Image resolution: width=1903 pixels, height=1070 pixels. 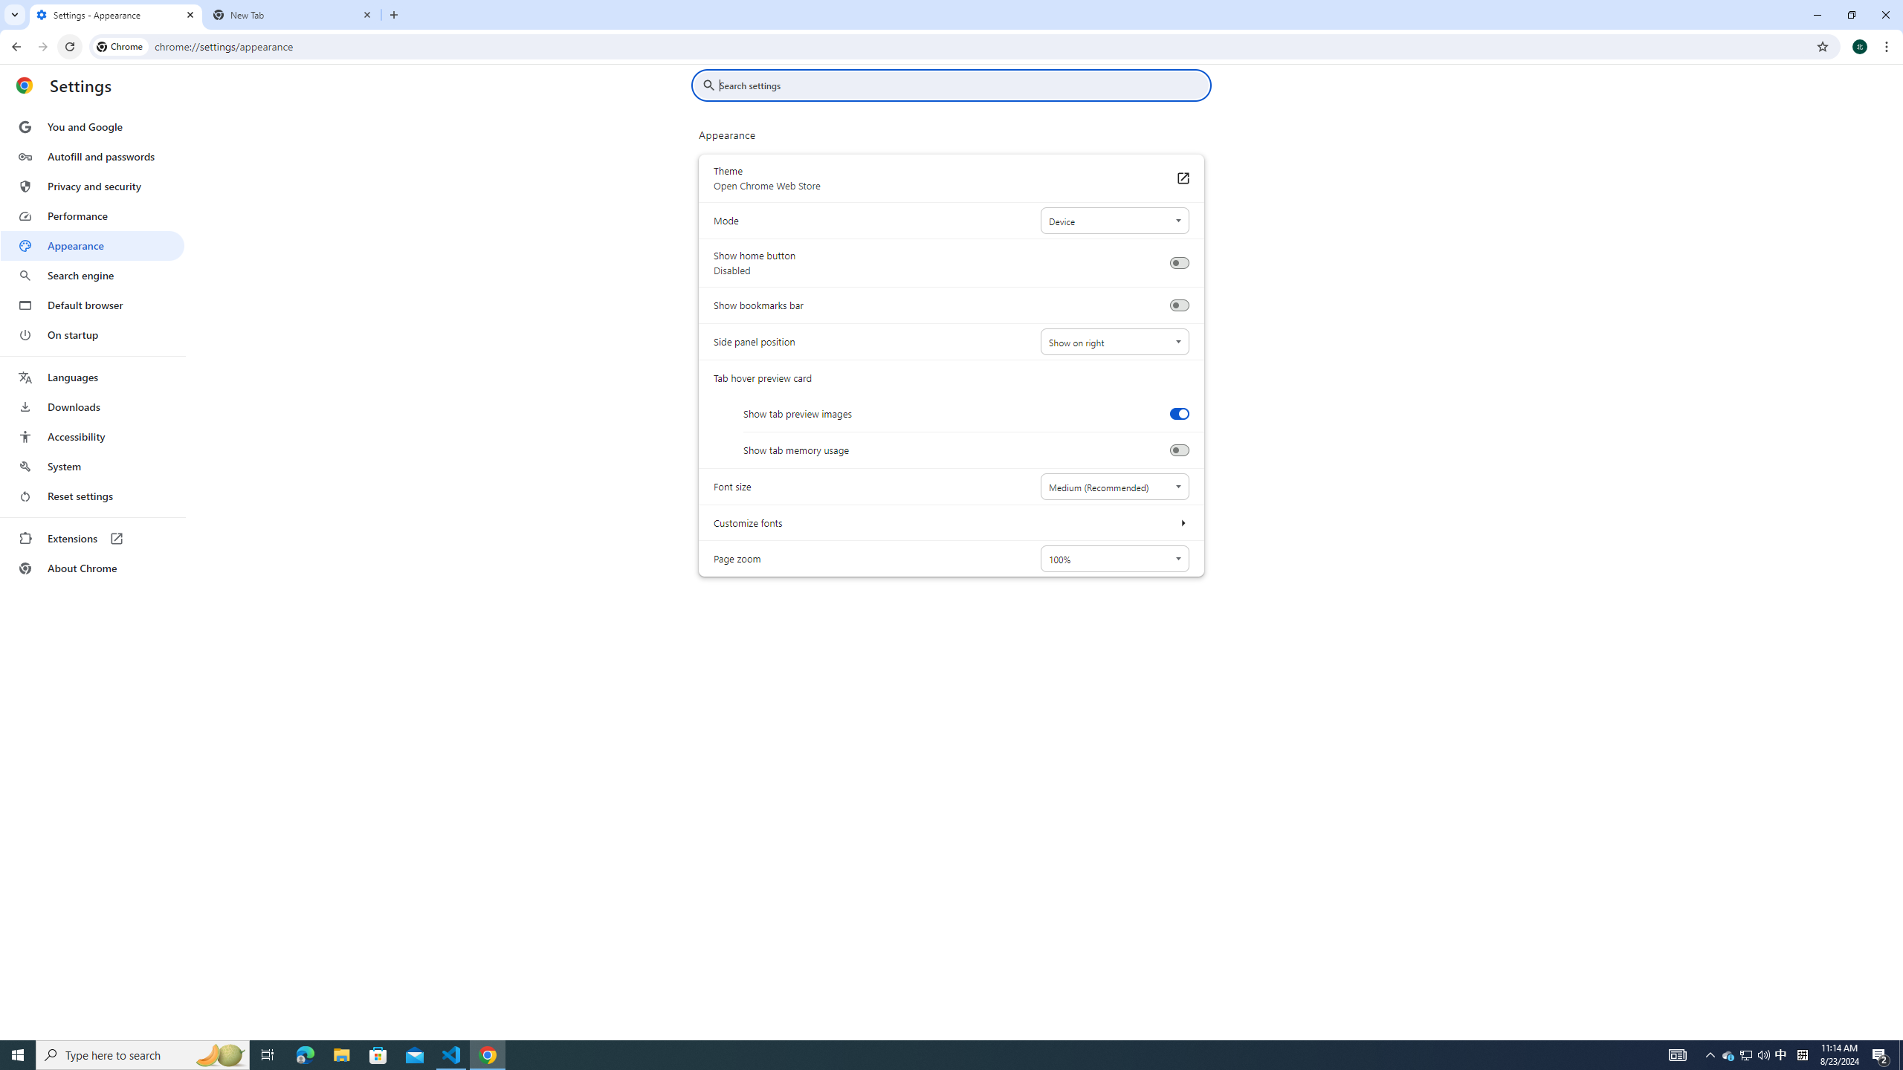 I want to click on 'Search engine', so click(x=91, y=276).